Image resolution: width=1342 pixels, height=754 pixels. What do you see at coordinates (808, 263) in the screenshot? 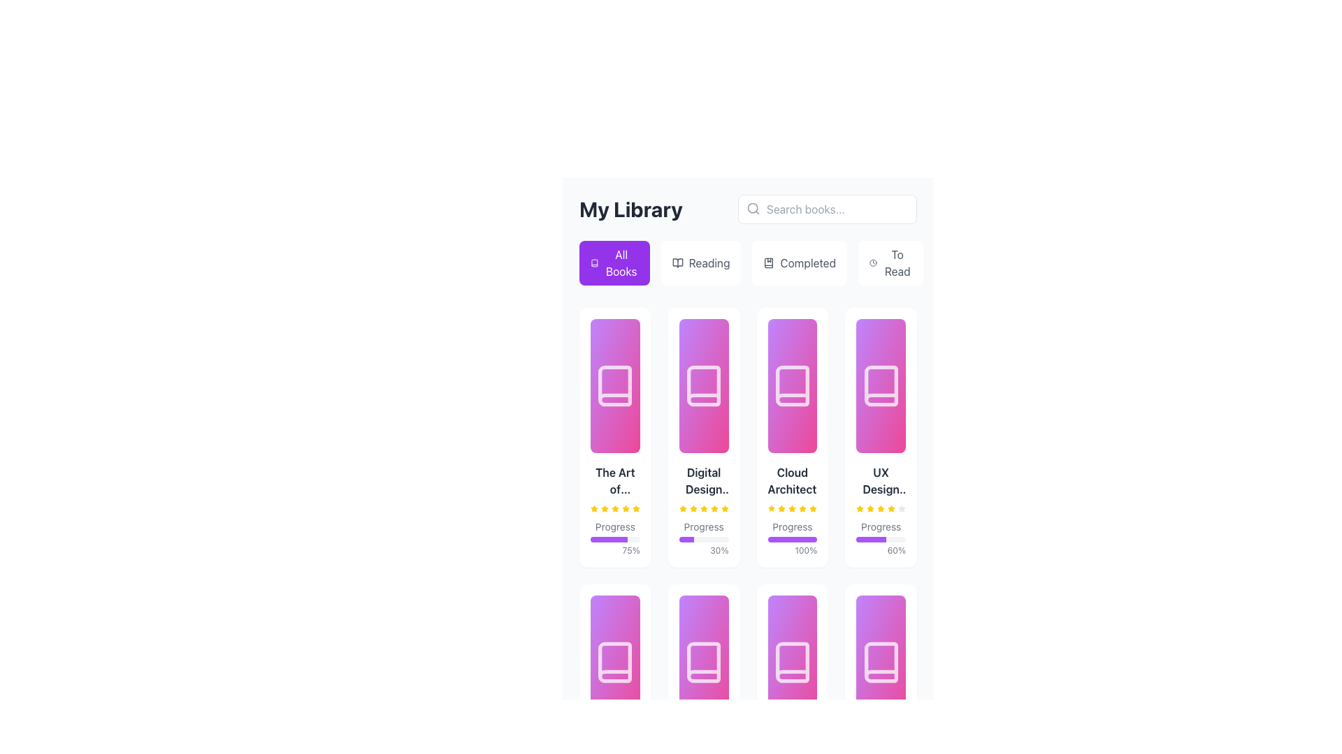
I see `text label representing the completed books category, which is located to the right of the bookmark icon in the top navigation menu under 'My Library'` at bounding box center [808, 263].